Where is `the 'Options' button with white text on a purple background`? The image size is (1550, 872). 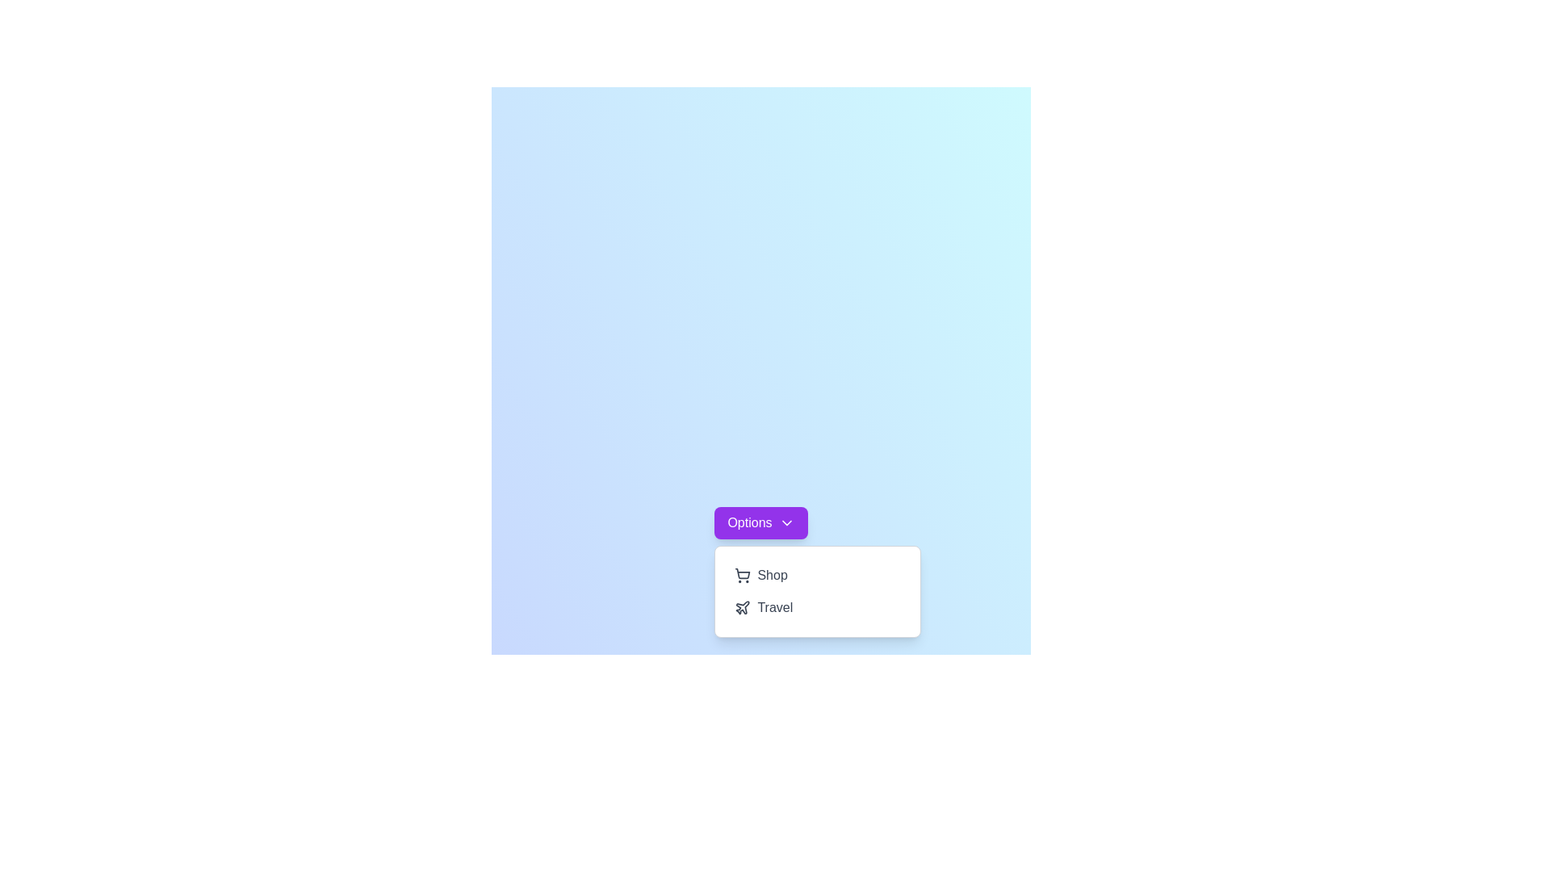
the 'Options' button with white text on a purple background is located at coordinates (760, 523).